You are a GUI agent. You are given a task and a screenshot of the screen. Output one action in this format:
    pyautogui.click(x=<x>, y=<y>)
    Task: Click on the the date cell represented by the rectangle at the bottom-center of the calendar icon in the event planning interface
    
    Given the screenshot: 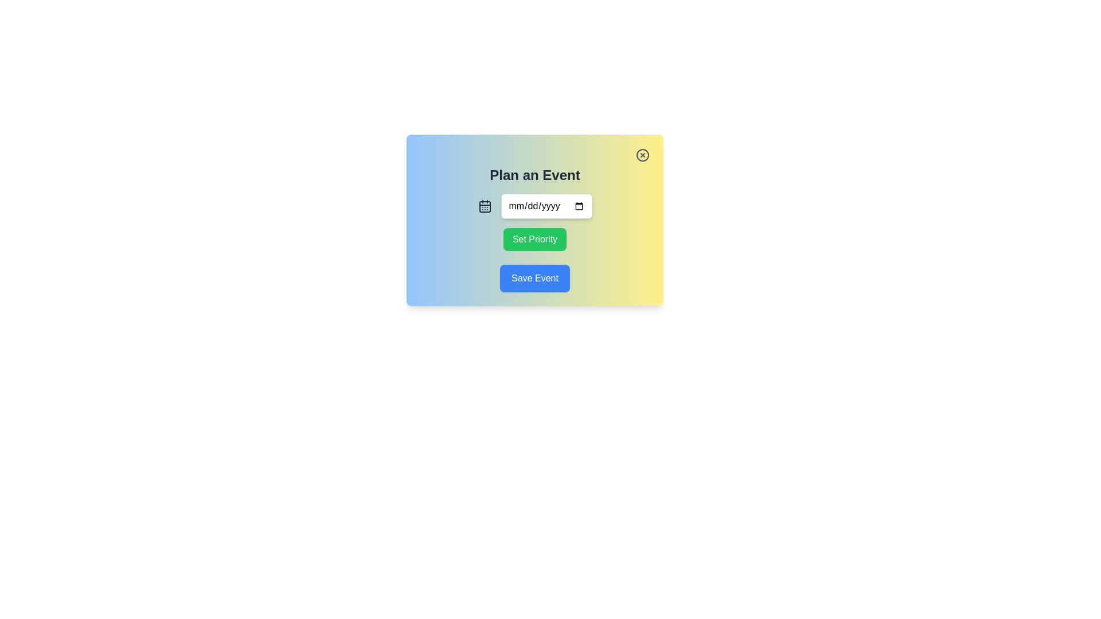 What is the action you would take?
    pyautogui.click(x=485, y=207)
    